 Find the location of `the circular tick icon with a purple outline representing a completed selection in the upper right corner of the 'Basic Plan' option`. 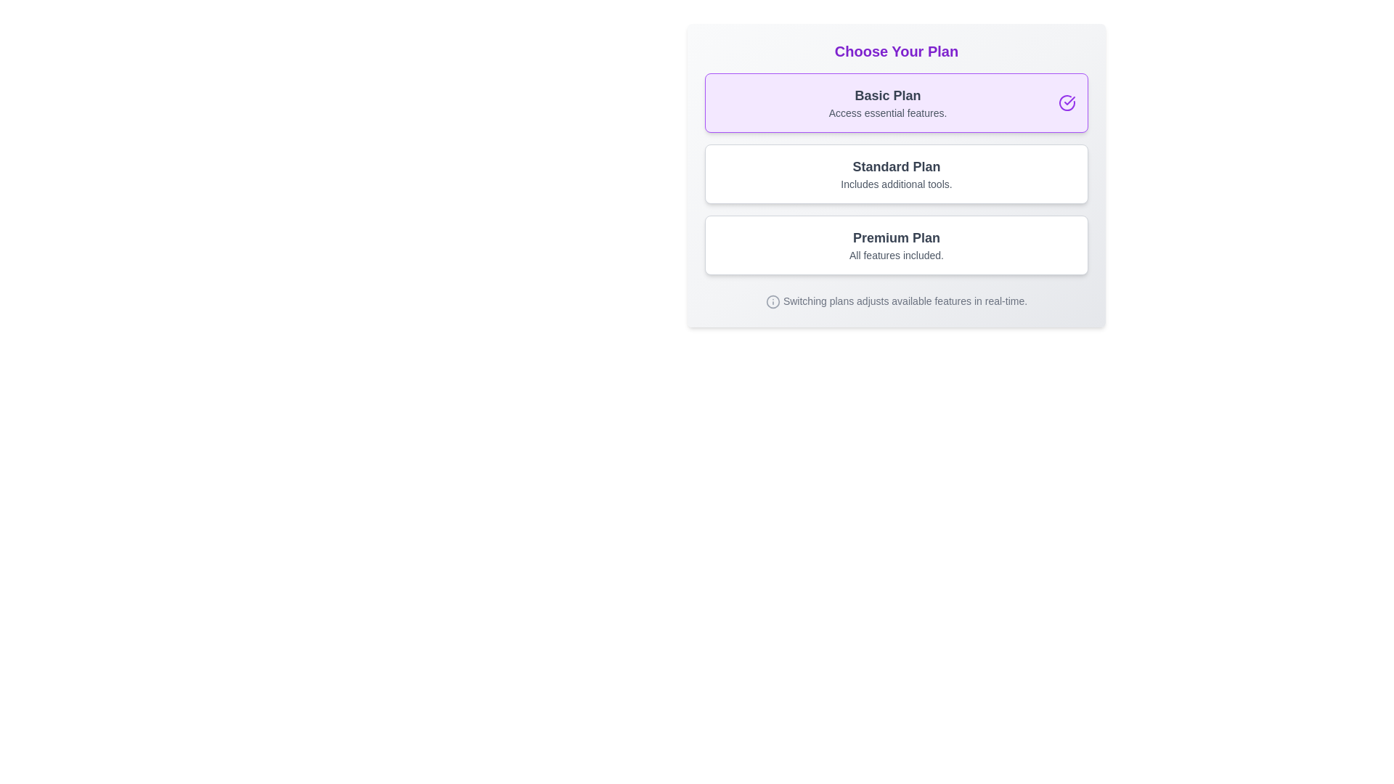

the circular tick icon with a purple outline representing a completed selection in the upper right corner of the 'Basic Plan' option is located at coordinates (1067, 102).